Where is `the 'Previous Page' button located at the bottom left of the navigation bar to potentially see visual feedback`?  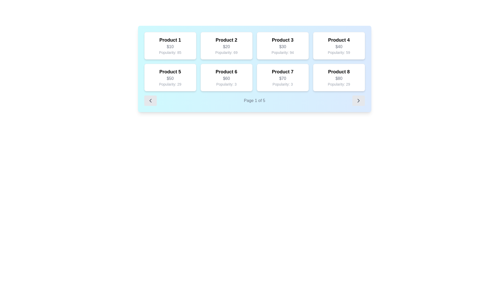 the 'Previous Page' button located at the bottom left of the navigation bar to potentially see visual feedback is located at coordinates (150, 100).